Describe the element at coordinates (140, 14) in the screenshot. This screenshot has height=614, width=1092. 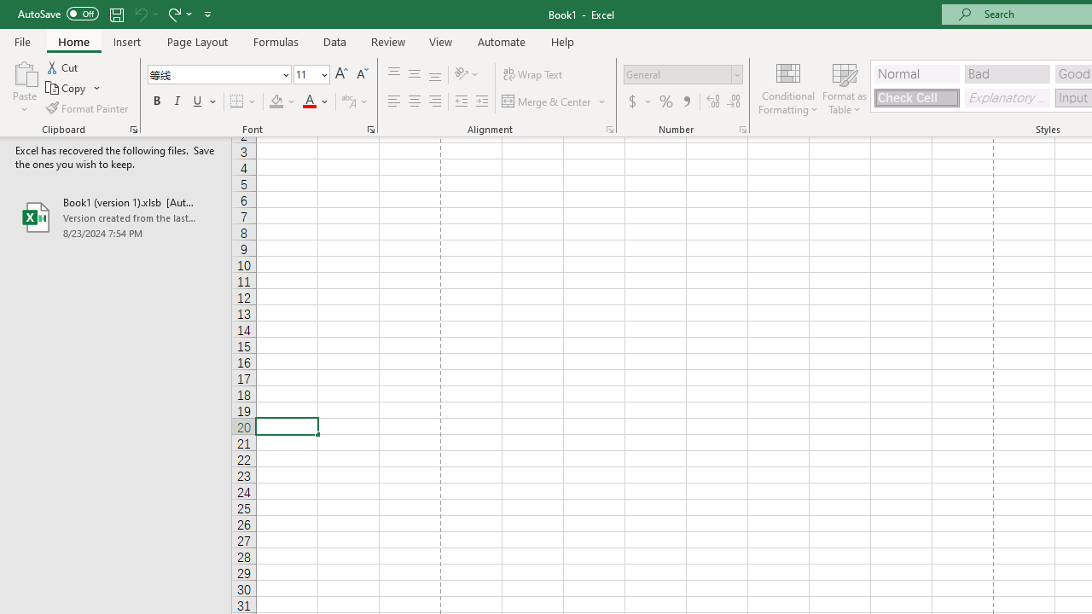
I see `'Undo'` at that location.